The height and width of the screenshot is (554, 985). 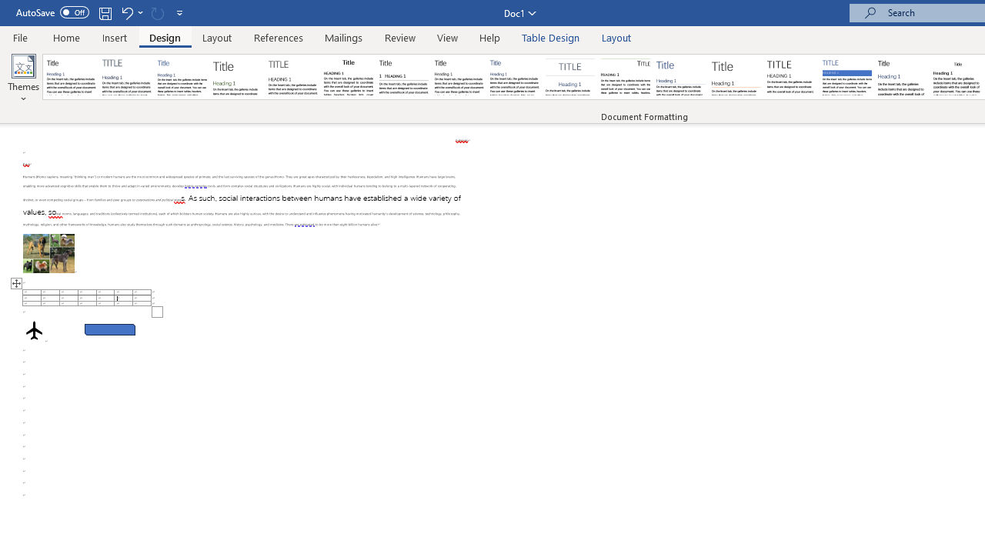 What do you see at coordinates (846, 77) in the screenshot?
I see `'Shaded'` at bounding box center [846, 77].